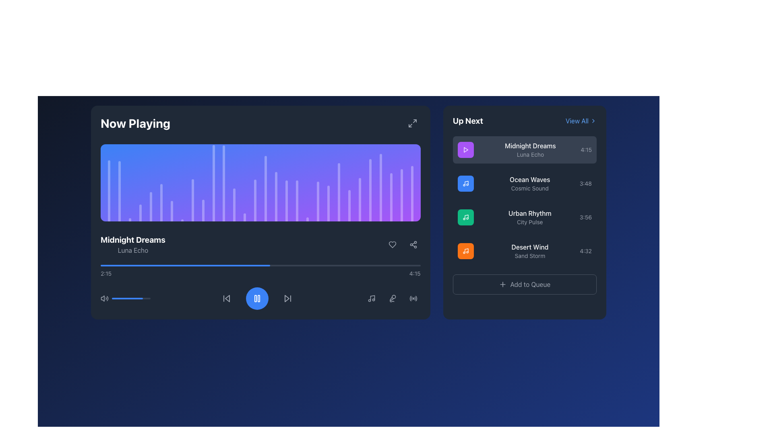  Describe the element at coordinates (465, 250) in the screenshot. I see `the music icon representing the track 'Desert Wind'` at that location.